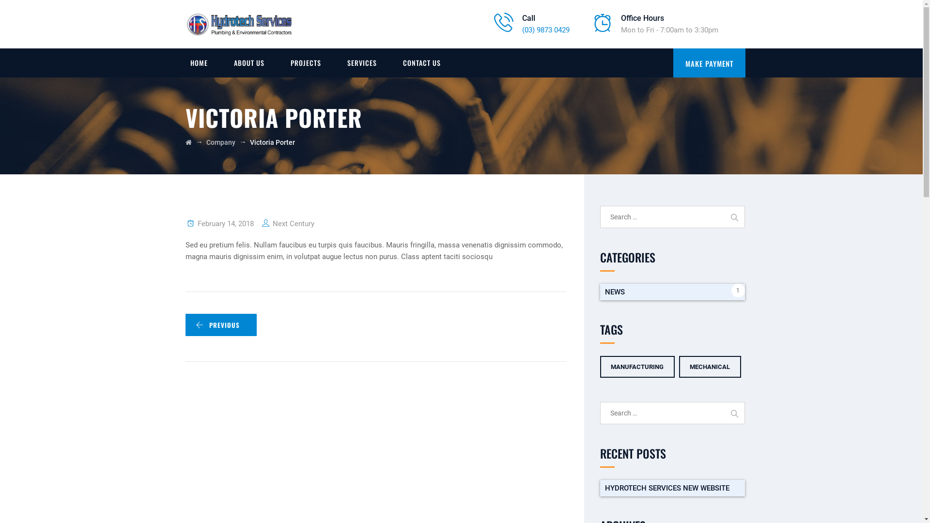 Image resolution: width=930 pixels, height=523 pixels. What do you see at coordinates (390, 63) in the screenshot?
I see `'CONTACT US'` at bounding box center [390, 63].